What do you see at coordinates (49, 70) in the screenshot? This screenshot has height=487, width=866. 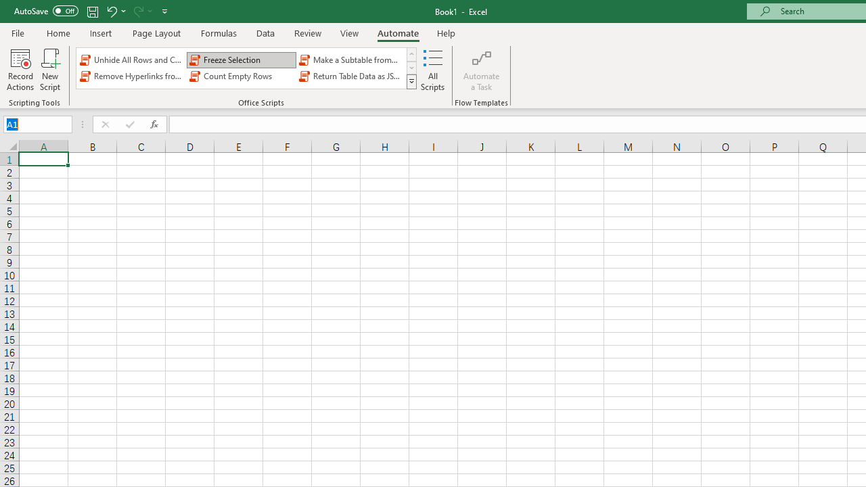 I see `'New Script'` at bounding box center [49, 70].